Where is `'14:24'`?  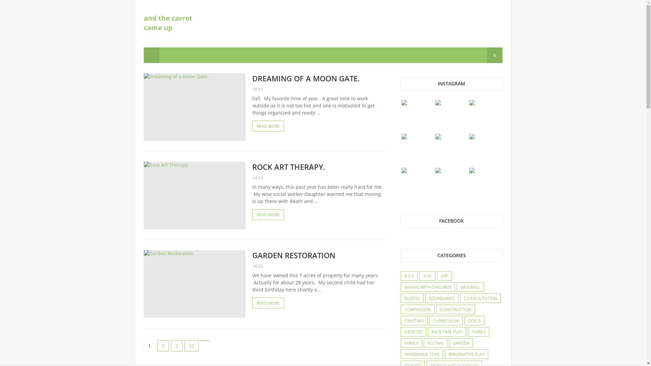 '14:24' is located at coordinates (252, 177).